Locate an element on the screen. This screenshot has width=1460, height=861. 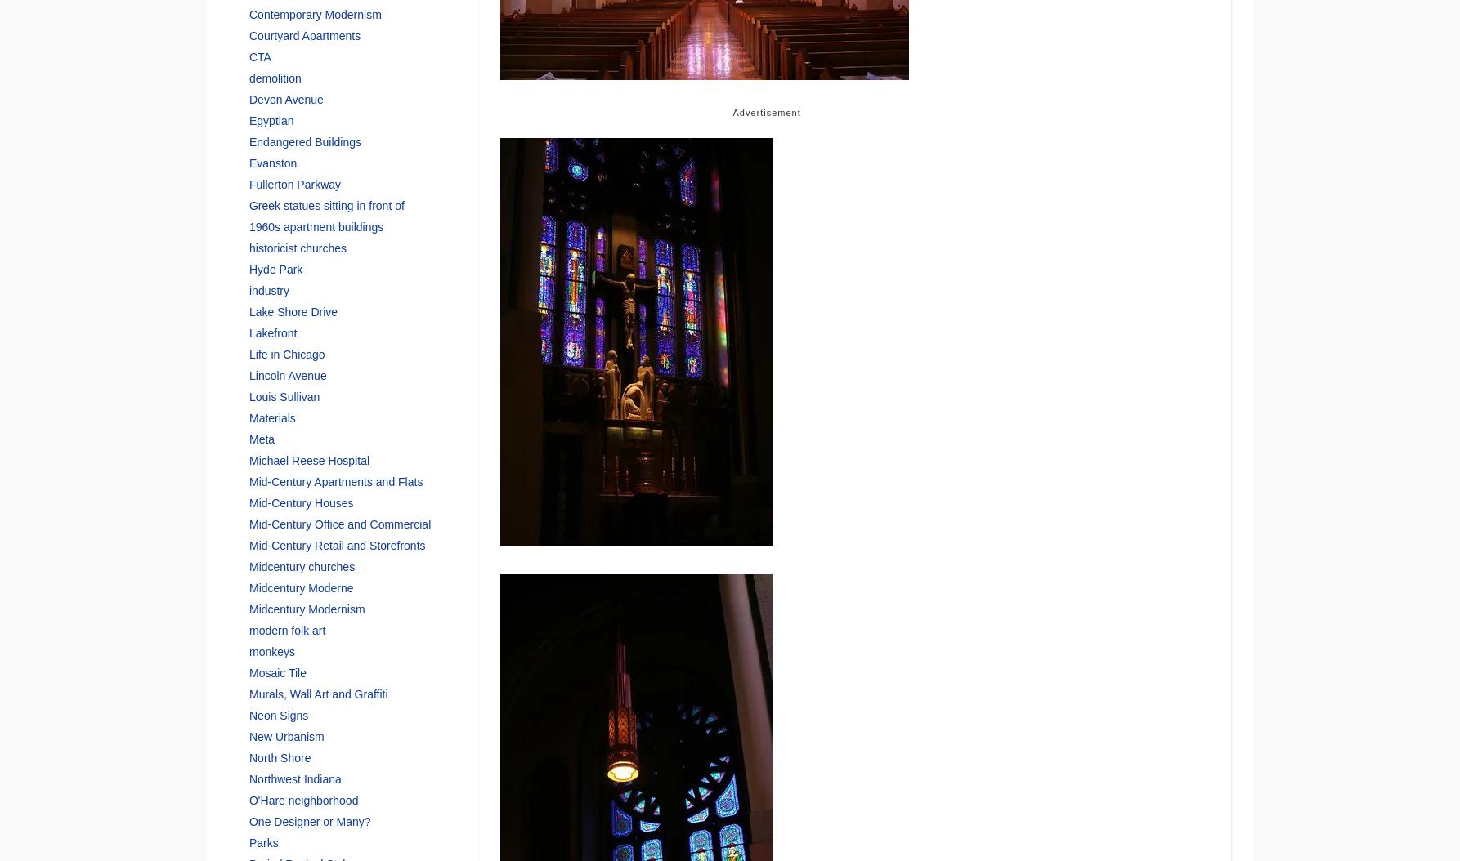
'Mid-Century Retail and Storefronts' is located at coordinates (337, 544).